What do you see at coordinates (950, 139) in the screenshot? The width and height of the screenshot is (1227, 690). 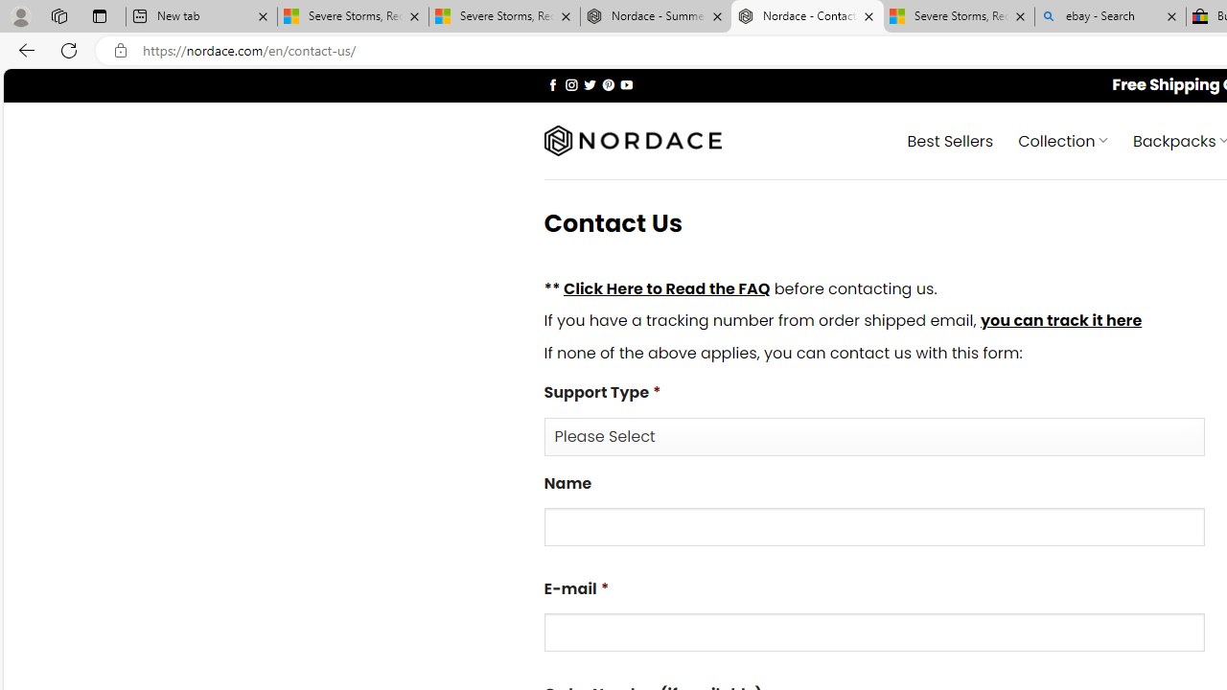 I see `'  Best Sellers'` at bounding box center [950, 139].